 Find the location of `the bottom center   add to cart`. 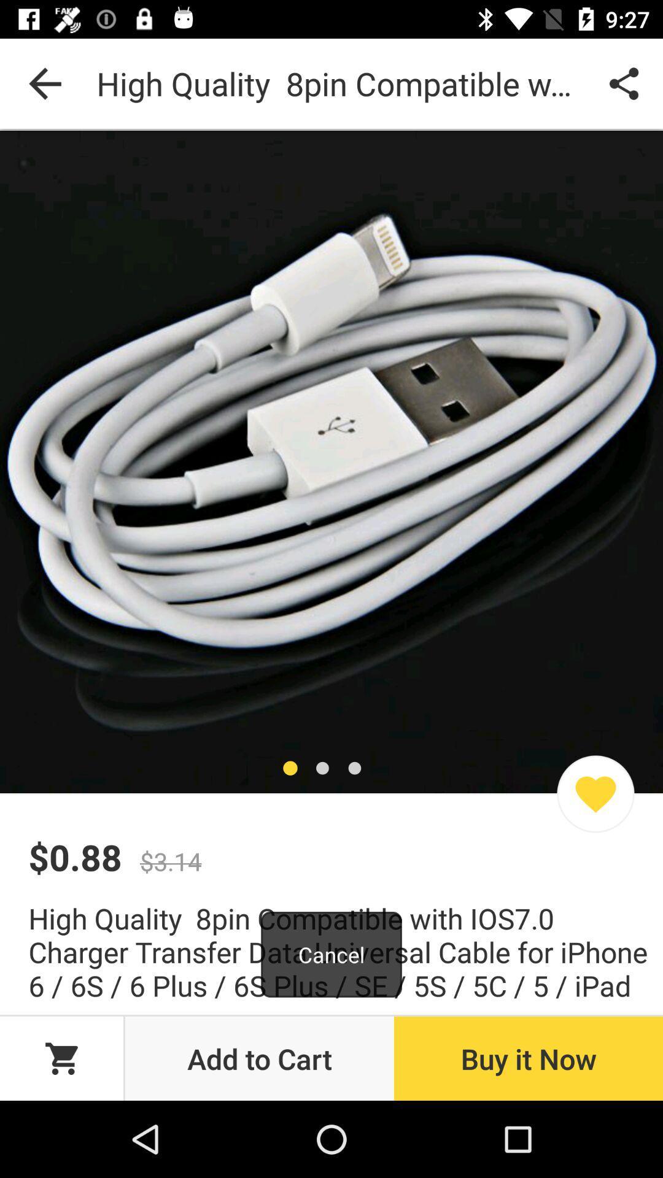

the bottom center   add to cart is located at coordinates (259, 1058).